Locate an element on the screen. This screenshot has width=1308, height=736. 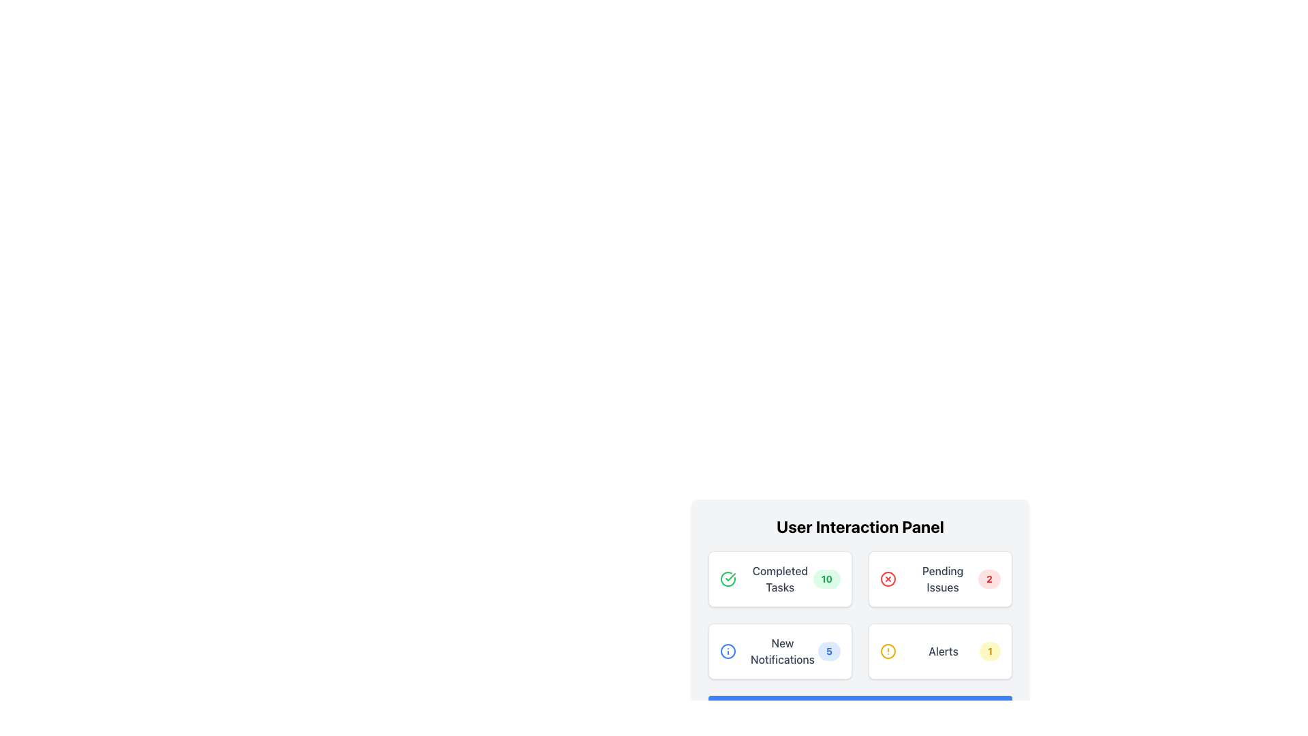
the badge that indicates the count of completed tasks located in the 'Completed Tasks' section of the 'User Interaction Panel' is located at coordinates (826, 579).